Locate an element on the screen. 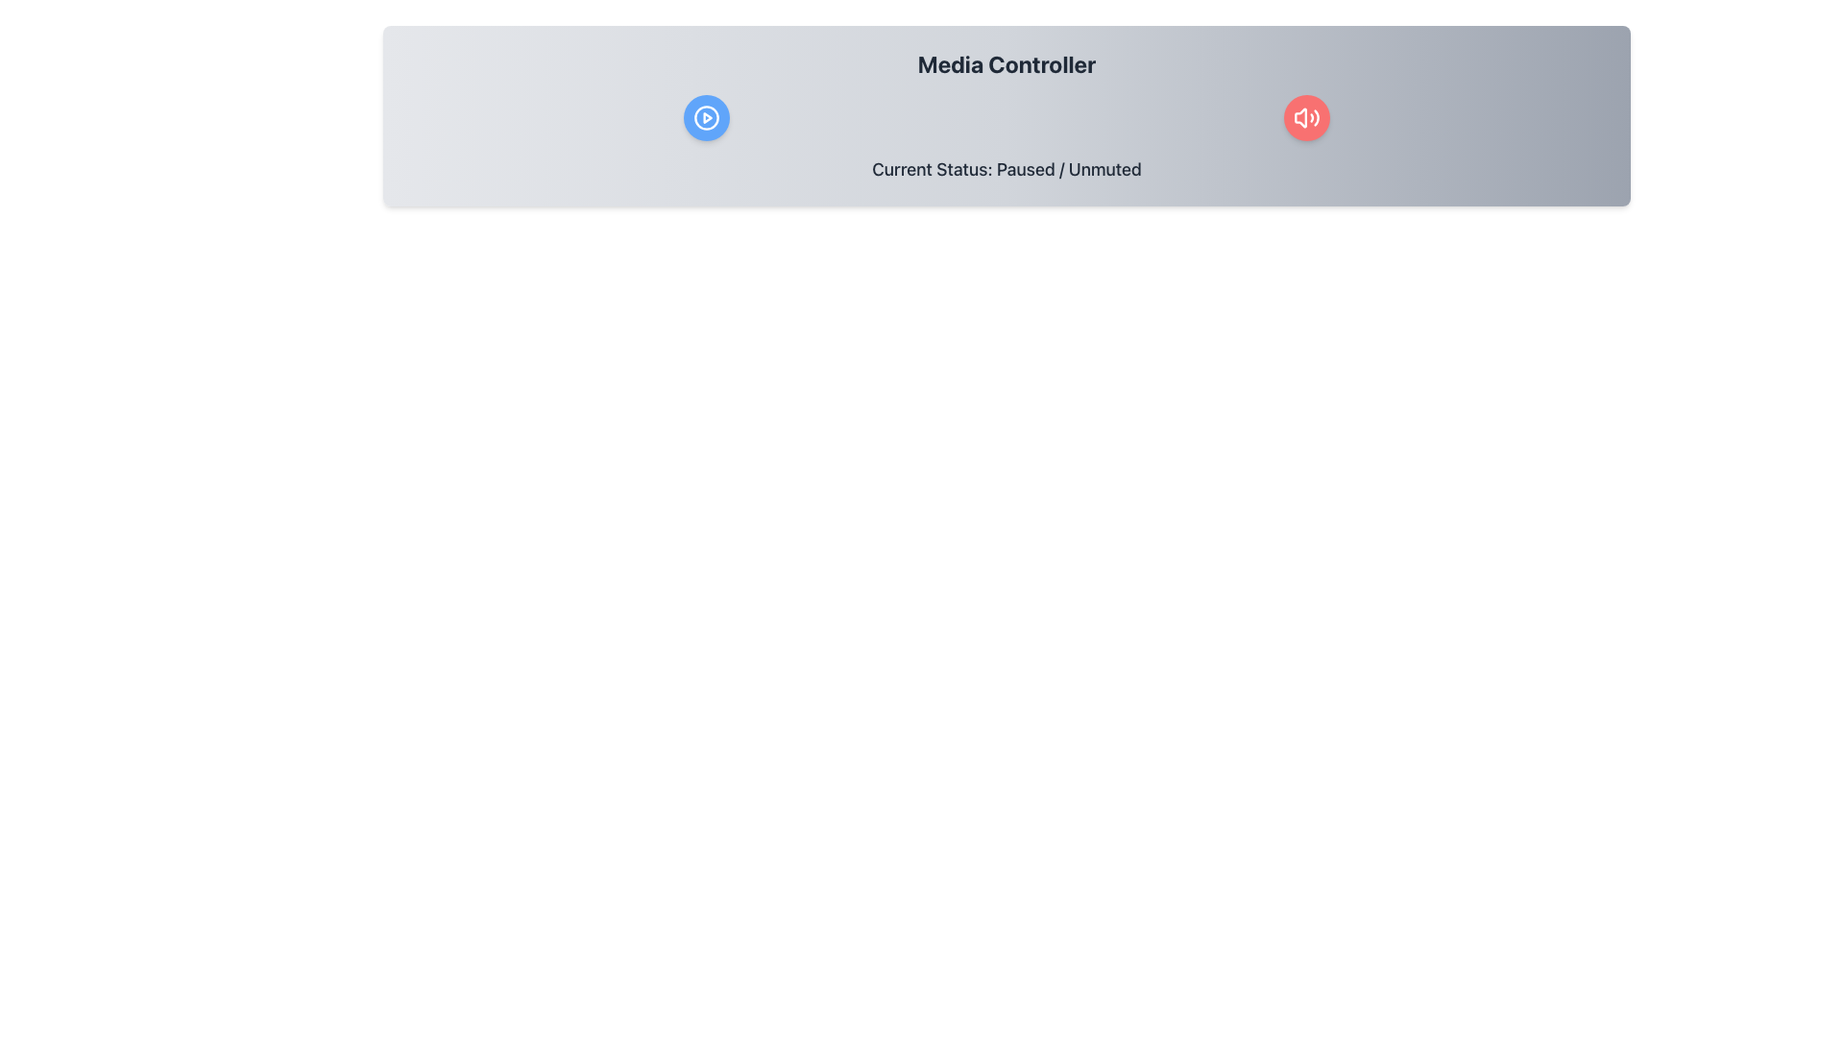 Image resolution: width=1844 pixels, height=1037 pixels. the red circular button with a white speaker icon located in the top-right corner of the media controller interface is located at coordinates (1306, 118).